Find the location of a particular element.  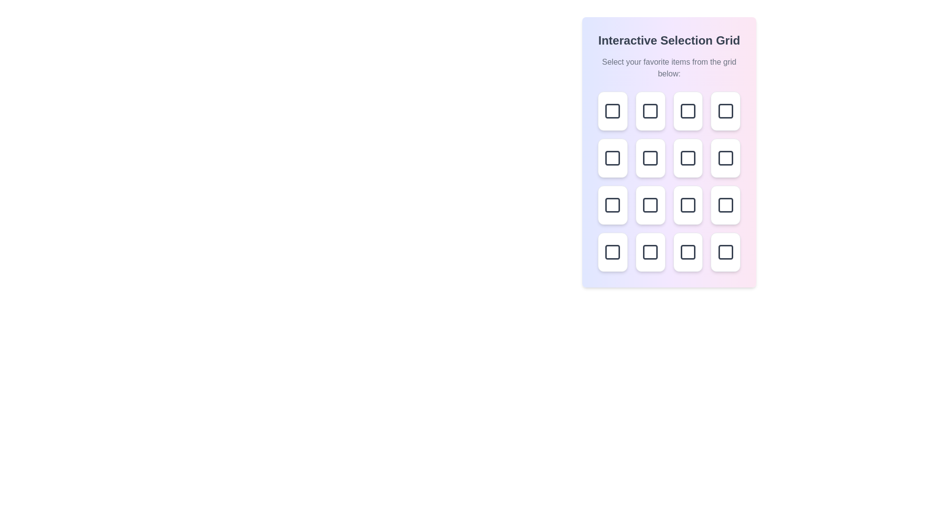

the interactive selection button located in the second row, third column of the 'Interactive Selection Grid' is located at coordinates (650, 158).